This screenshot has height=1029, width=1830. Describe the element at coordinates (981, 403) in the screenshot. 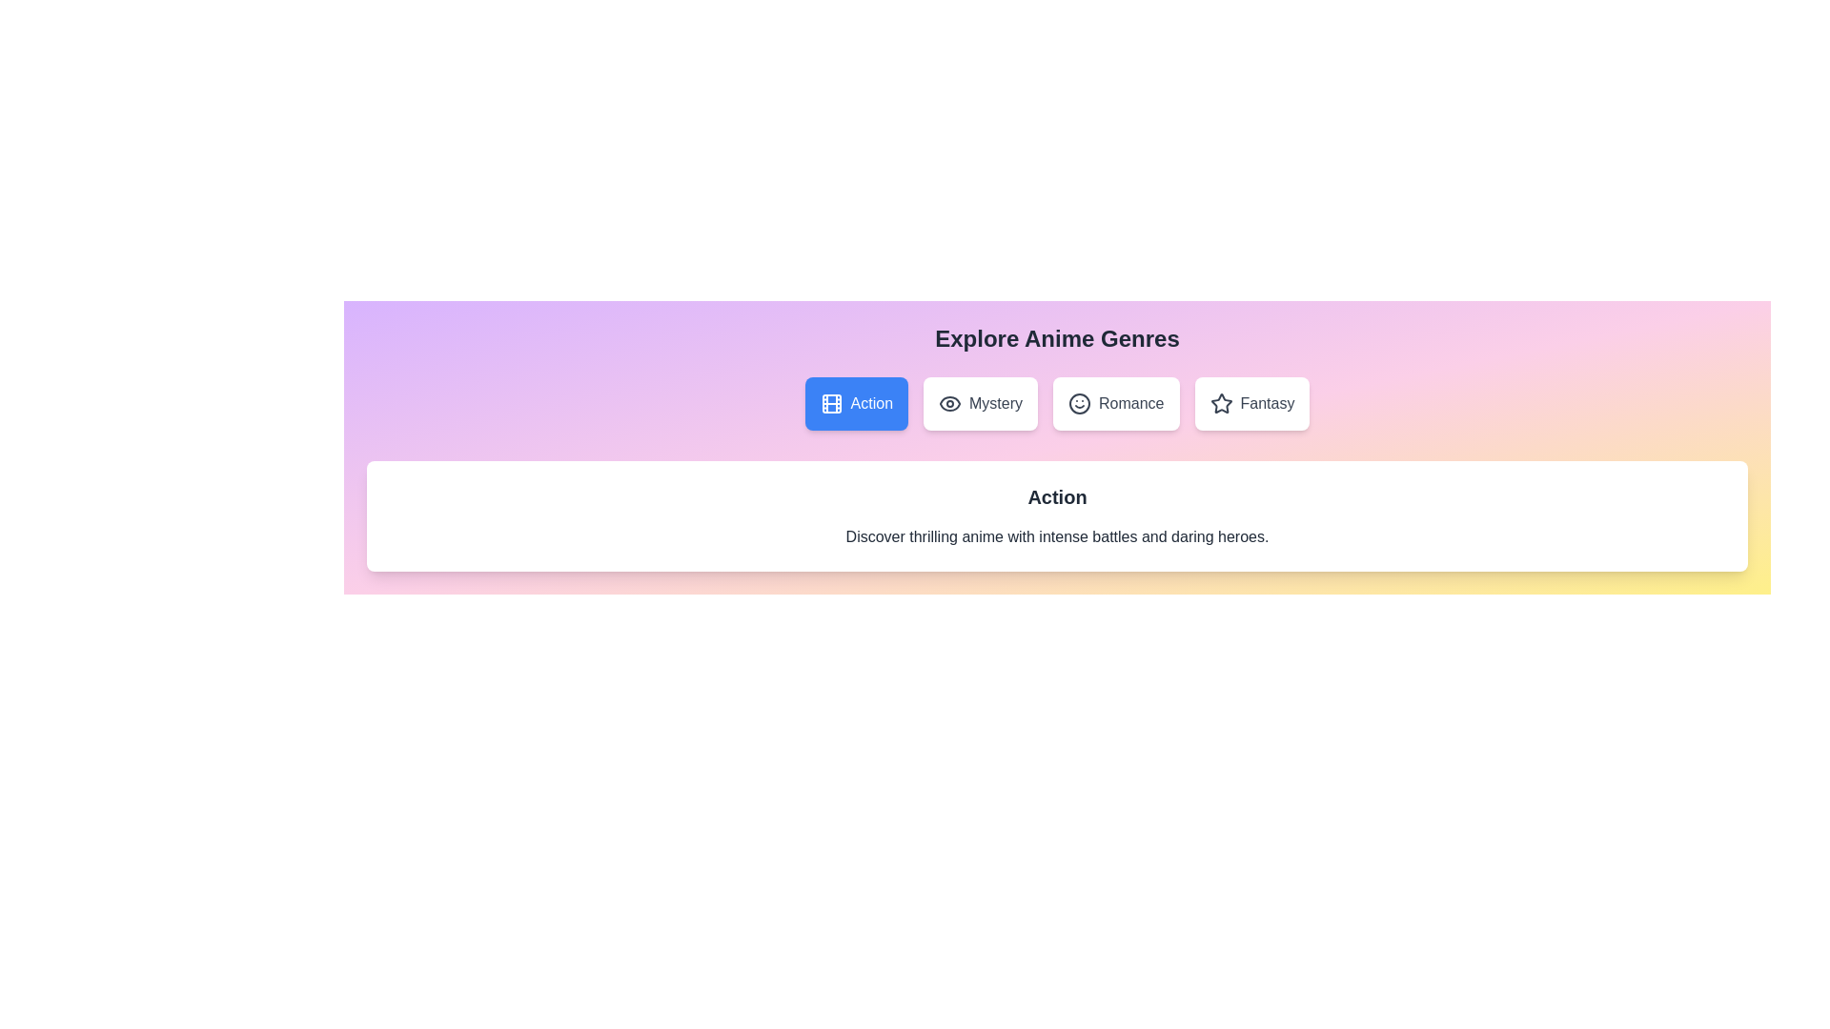

I see `the Mystery tab by clicking on it` at that location.